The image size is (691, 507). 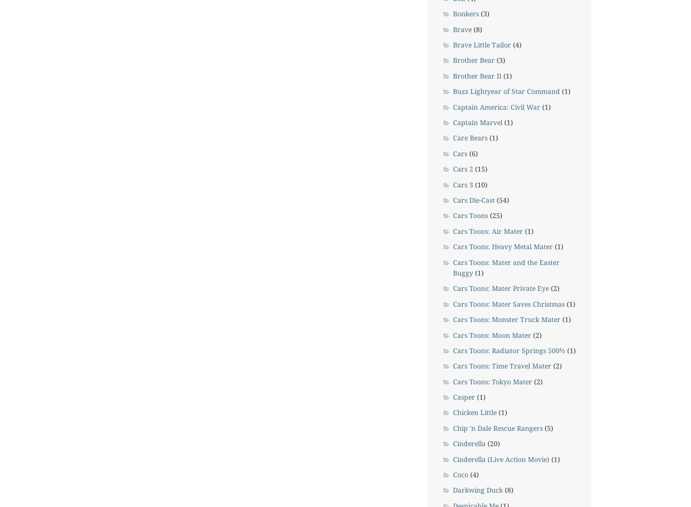 What do you see at coordinates (453, 246) in the screenshot?
I see `'Cars Toons: Heavy Metal Mater'` at bounding box center [453, 246].